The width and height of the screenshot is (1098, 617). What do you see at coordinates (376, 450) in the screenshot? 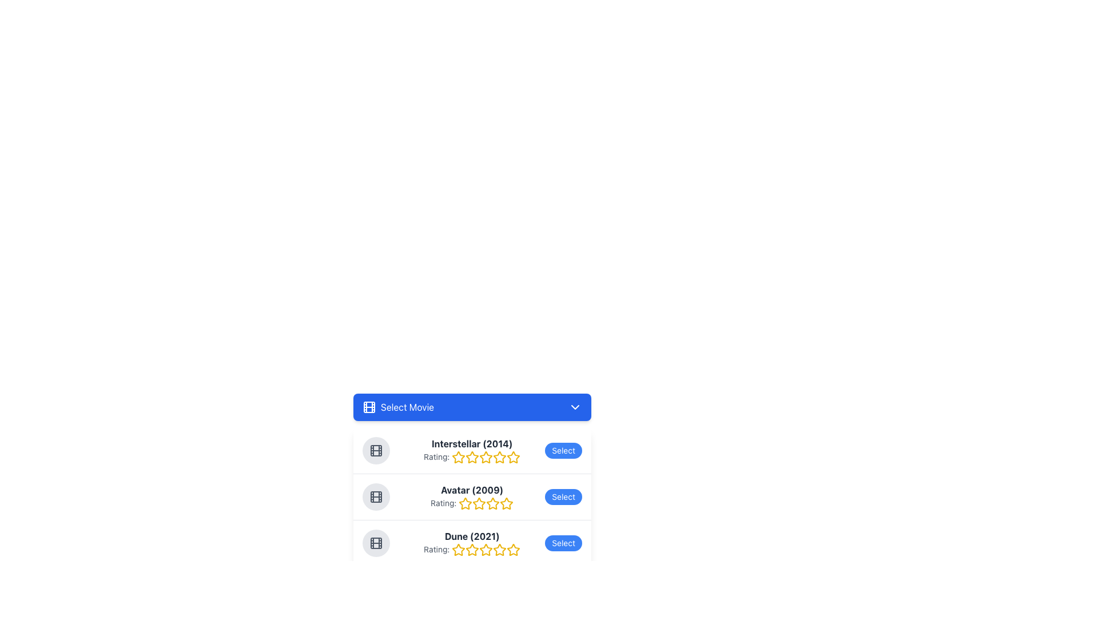
I see `the circular icon with a movie reel design located to the left of the text 'Interstellar (2014)'` at bounding box center [376, 450].